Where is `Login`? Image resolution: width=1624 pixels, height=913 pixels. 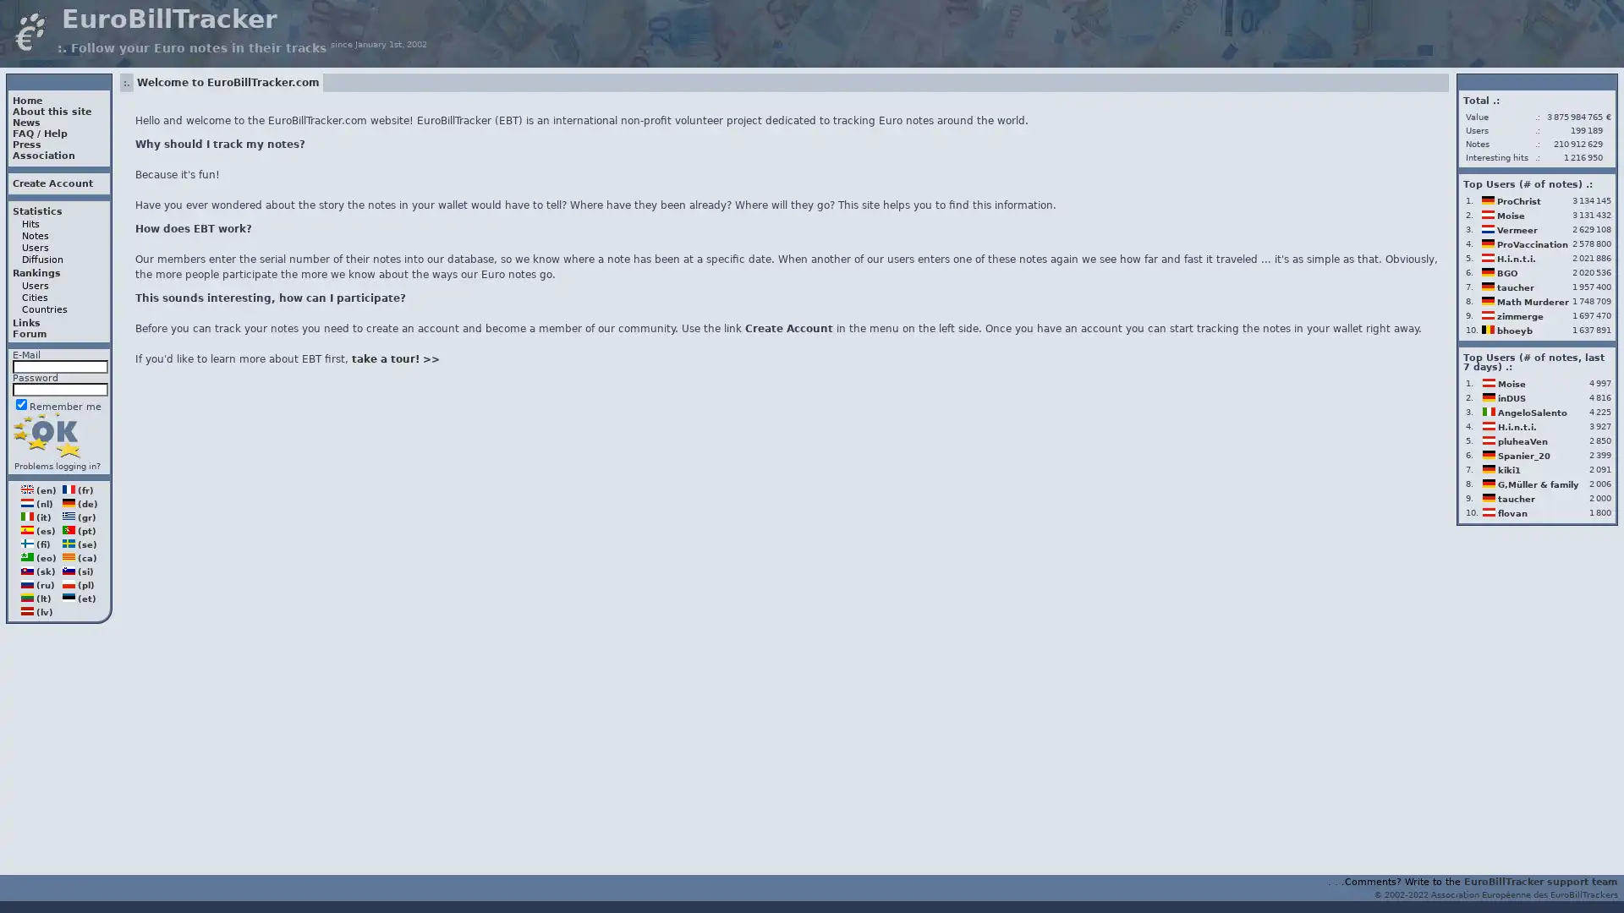 Login is located at coordinates (46, 435).